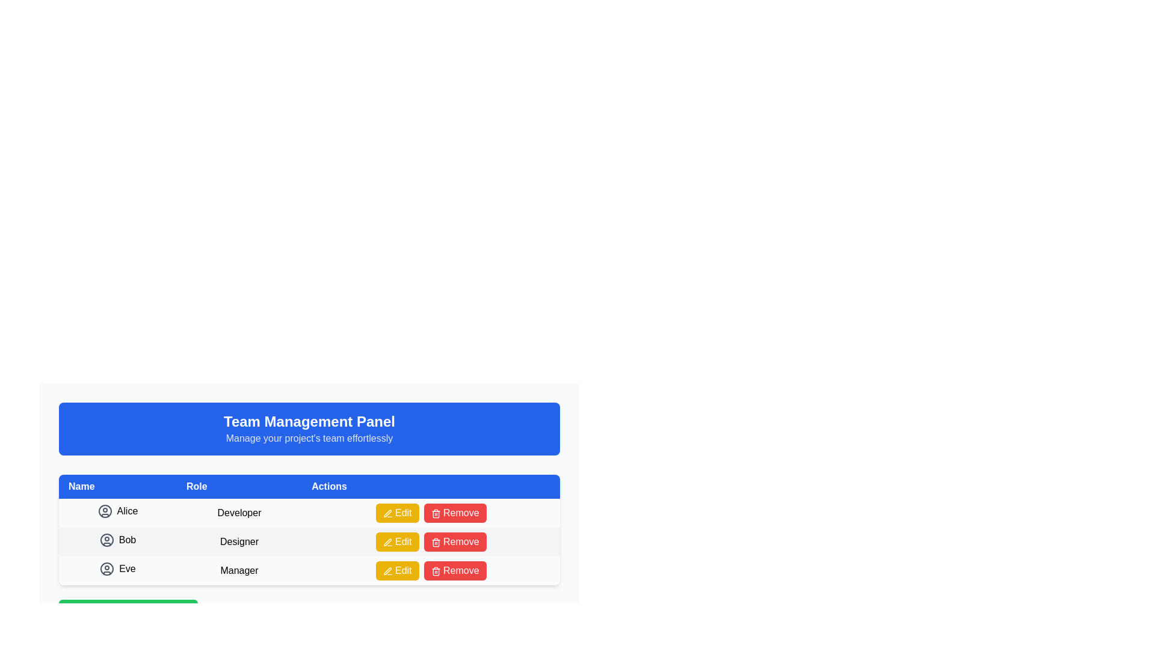 The image size is (1155, 649). I want to click on the red 'Remove' button with a trash icon located in the 'Actions' column of the third row of the table, so click(454, 513).